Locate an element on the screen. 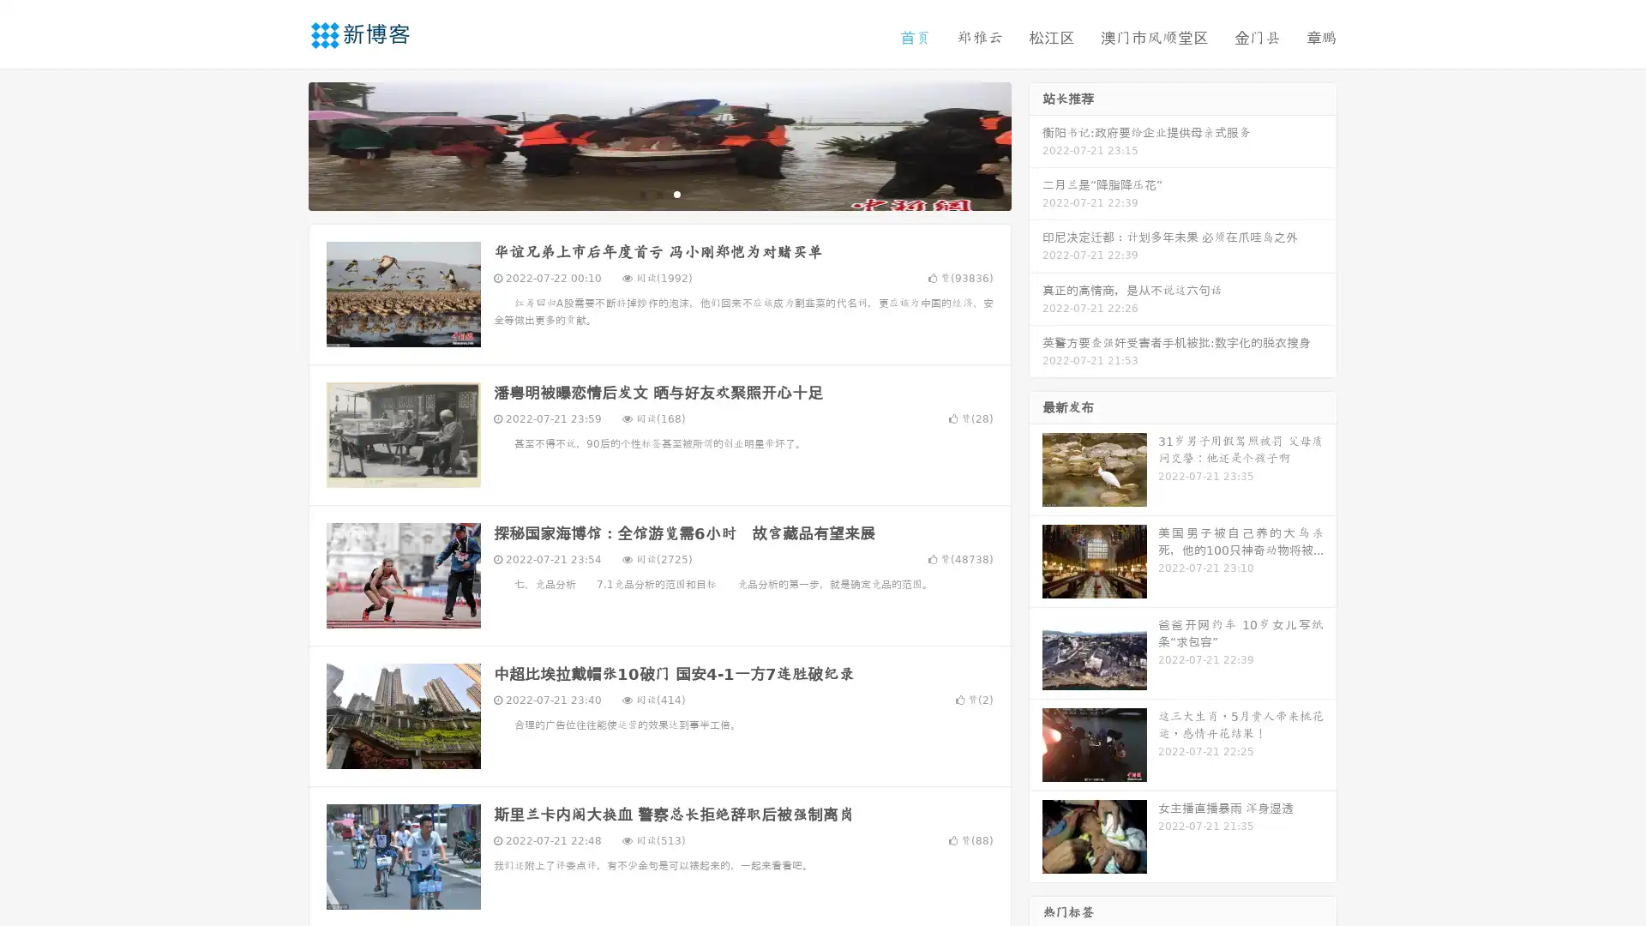 This screenshot has height=926, width=1646. Go to slide 1 is located at coordinates (641, 193).